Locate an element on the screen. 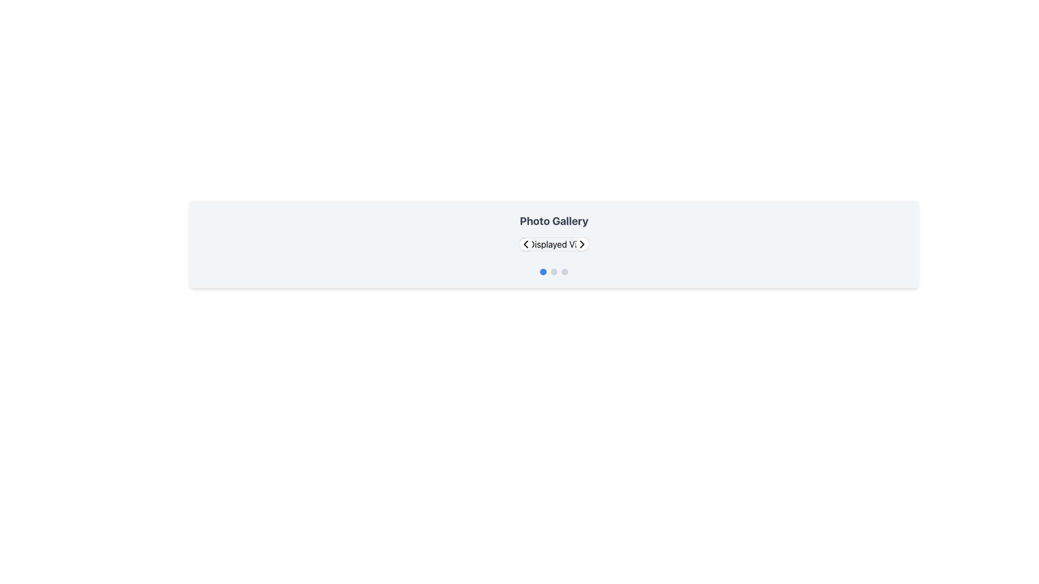  the left-pointing chevron icon indicator located within the navigation bar below the 'Photo Gallery' label, identified by its triangular arrow-like shape is located at coordinates (525, 244).